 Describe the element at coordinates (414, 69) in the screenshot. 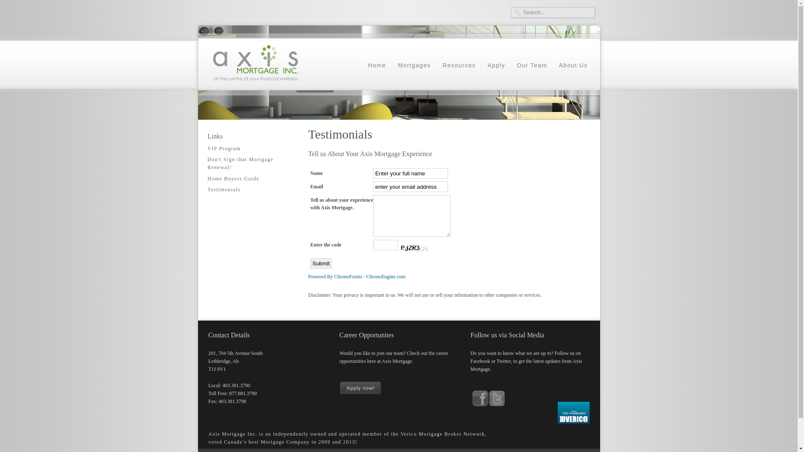

I see `'Mortgages'` at that location.